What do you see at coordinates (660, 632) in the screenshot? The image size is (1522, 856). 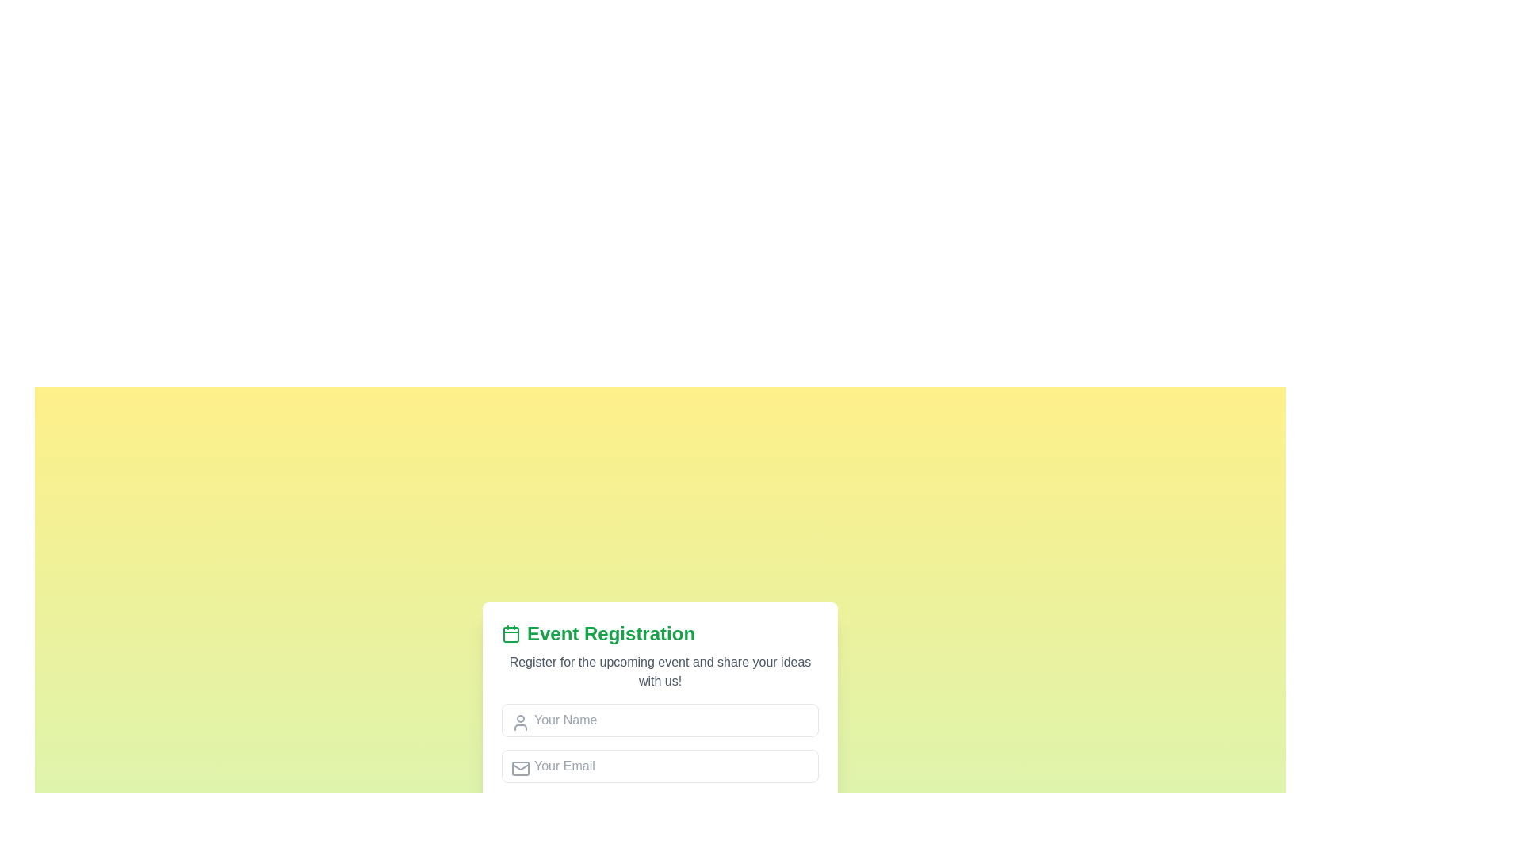 I see `the green text 'Event Registration' with a calendar icon, located at the top of the registration form card` at bounding box center [660, 632].